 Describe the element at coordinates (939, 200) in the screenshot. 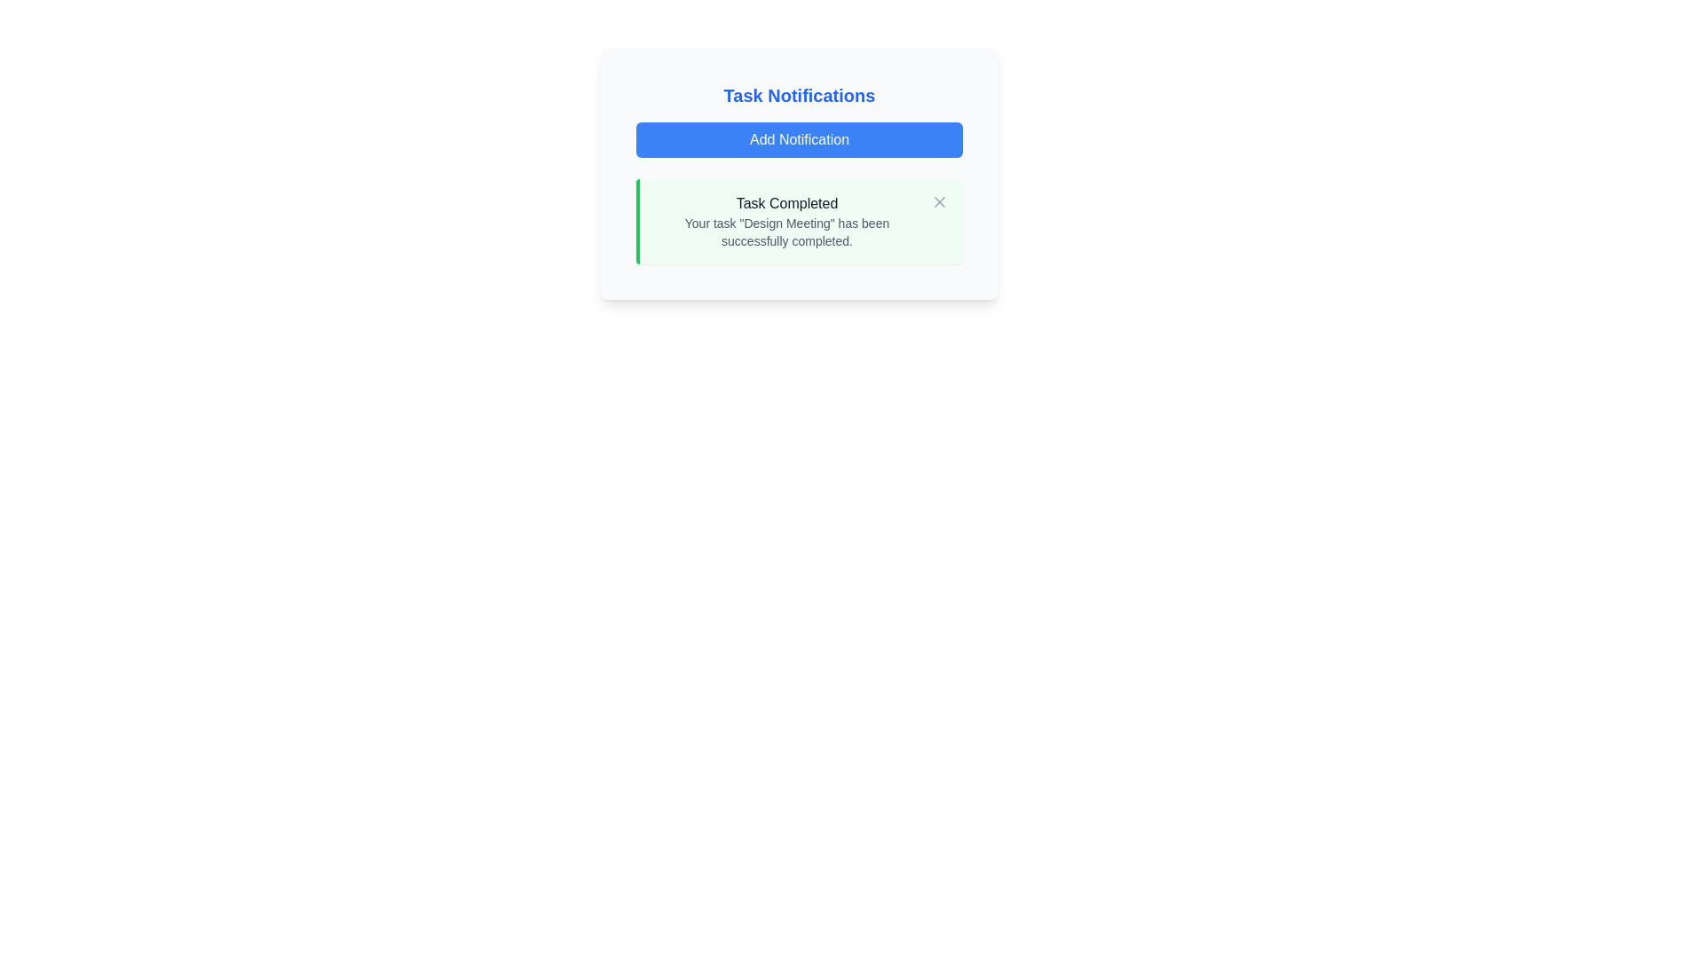

I see `the Close icon (an 'X' symbol) located at the top-right corner of the 'Task Completed' notification` at that location.